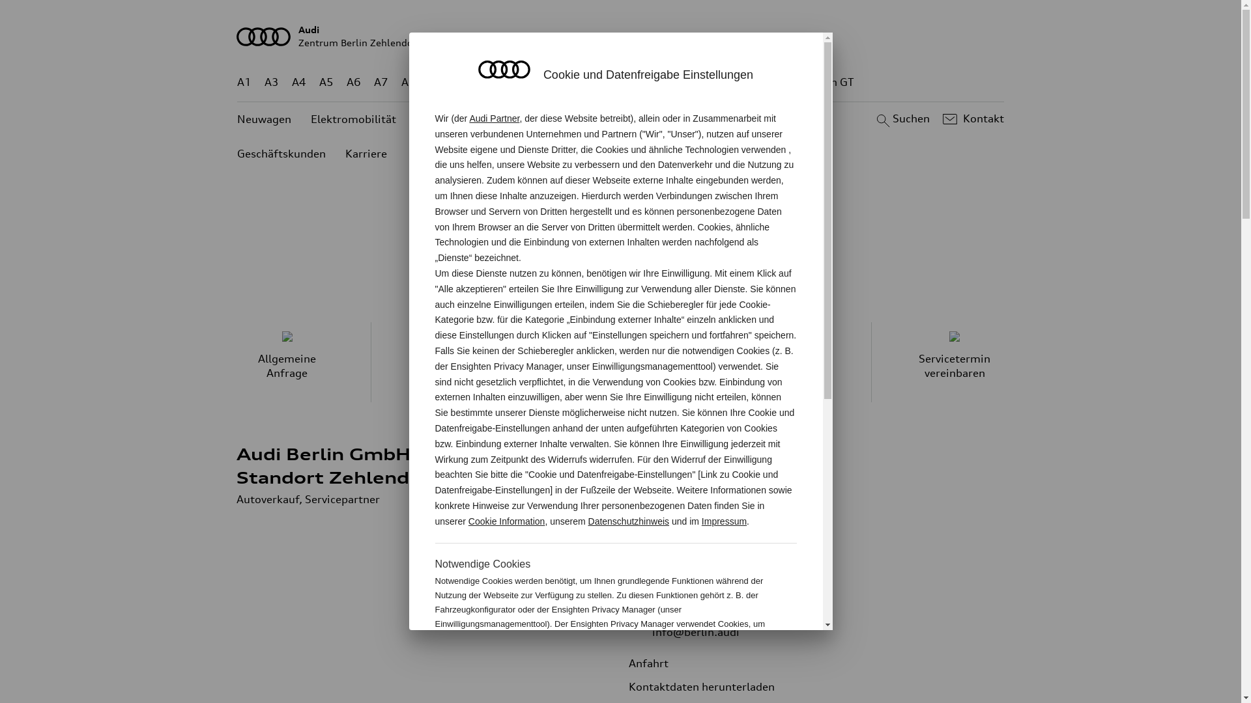  Describe the element at coordinates (353, 82) in the screenshot. I see `'A6'` at that location.